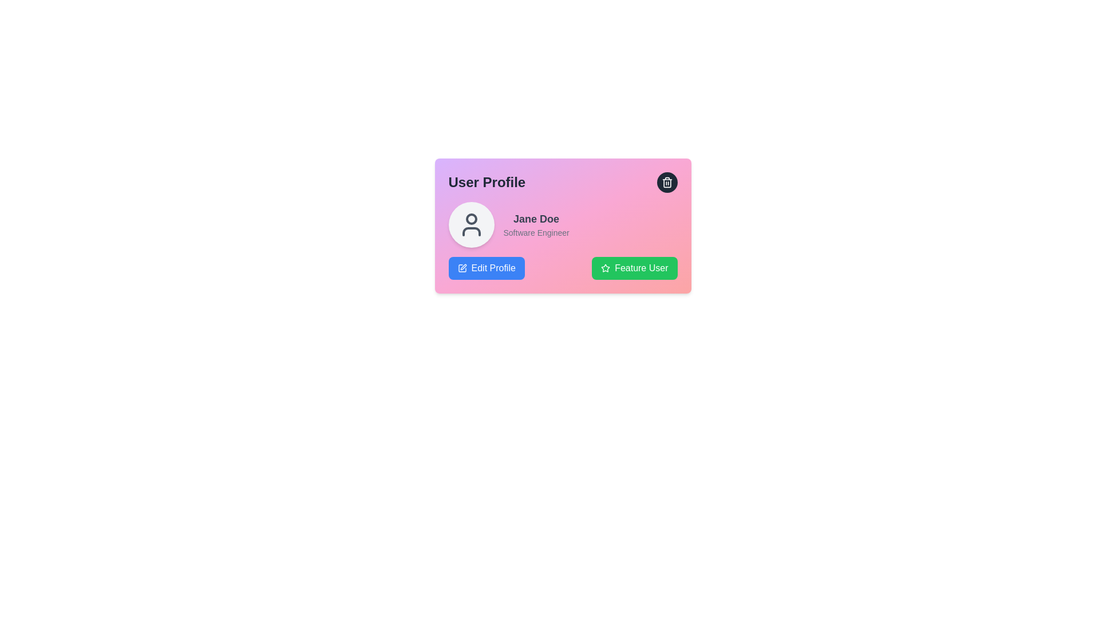  I want to click on the round user profile icon with a light gray background and a dark gray user silhouette, located within the 'User Profile' card, to the left of 'Jane Doe' and 'Software Engineer', so click(471, 225).